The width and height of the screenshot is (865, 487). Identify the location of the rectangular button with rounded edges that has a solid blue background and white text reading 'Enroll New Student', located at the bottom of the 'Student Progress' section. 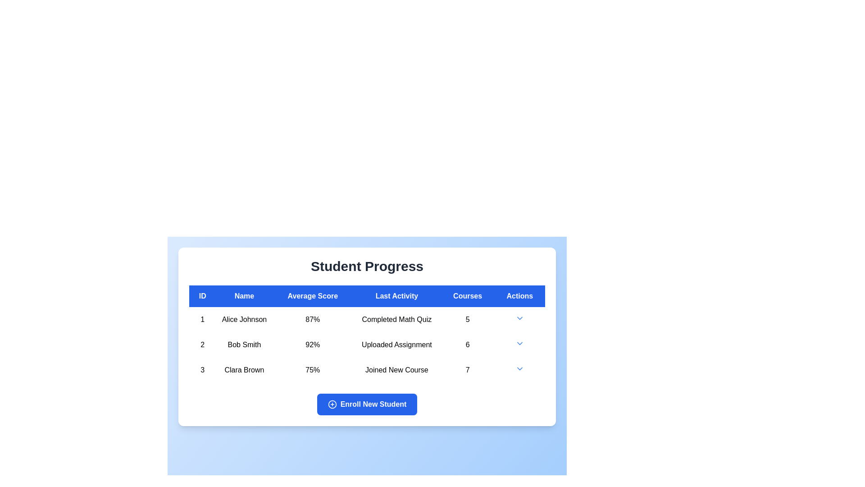
(367, 404).